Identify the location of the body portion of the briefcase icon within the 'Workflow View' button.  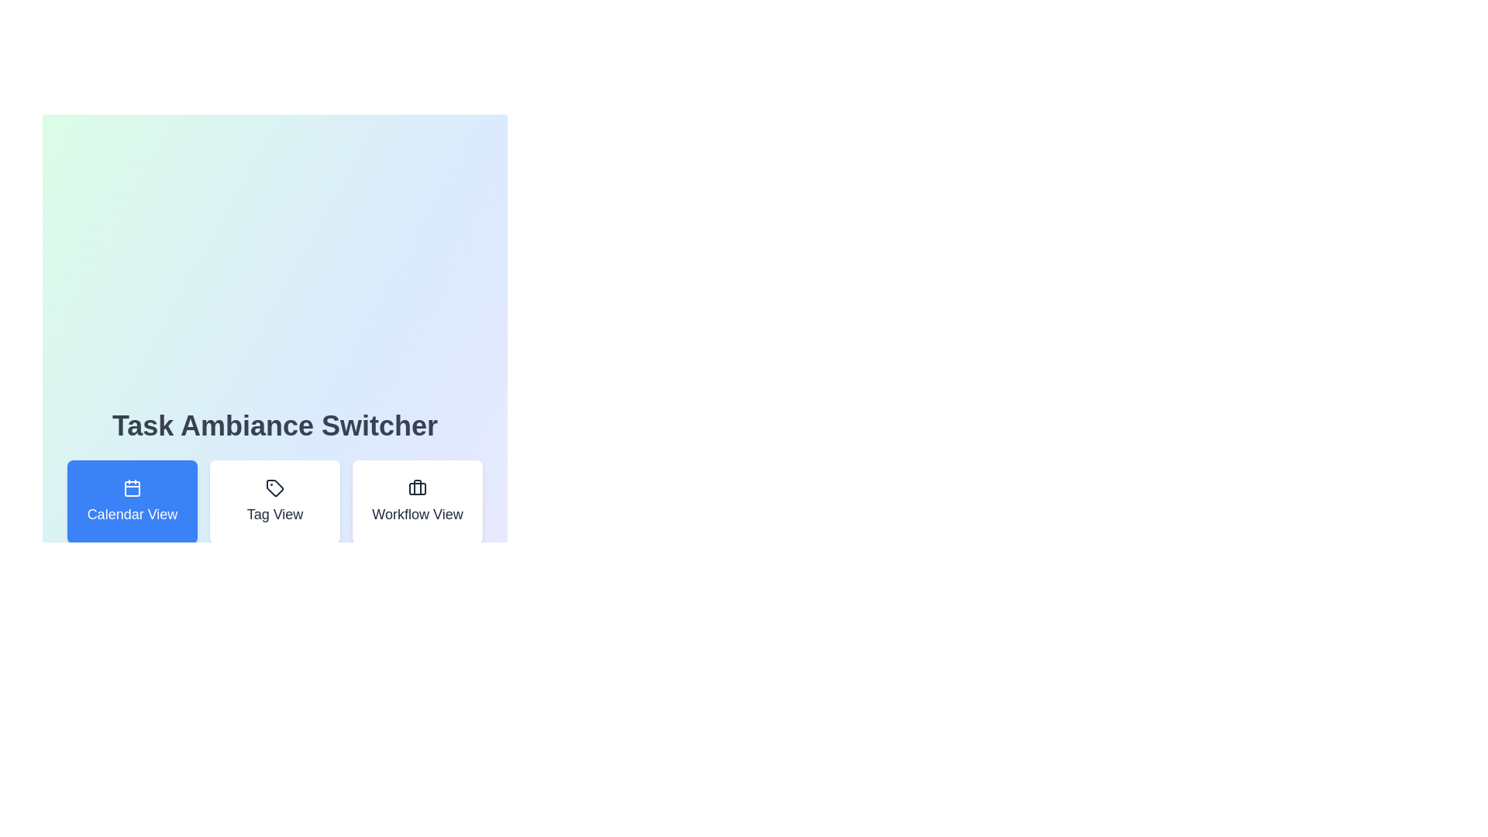
(417, 489).